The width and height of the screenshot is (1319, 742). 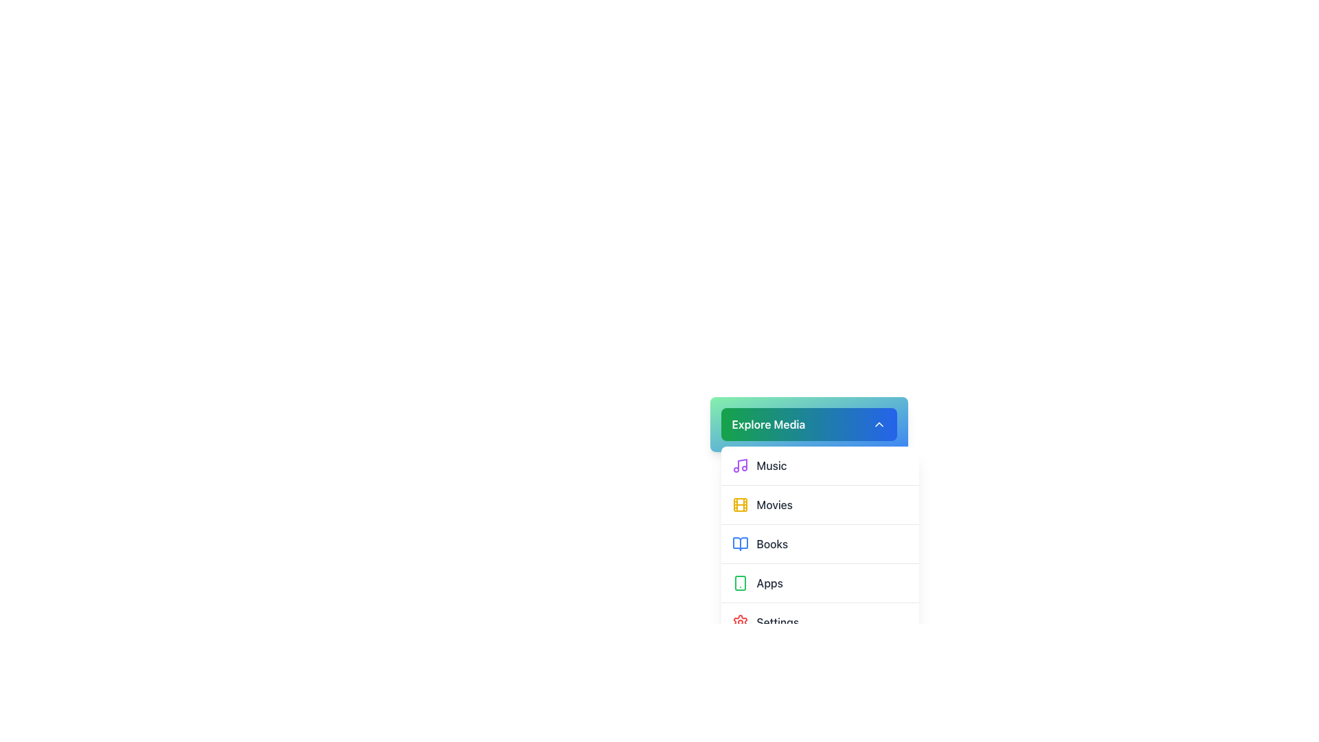 What do you see at coordinates (772, 543) in the screenshot?
I see `text of the 'Books' label located within the dropdown menu, which is displayed in gray color and has a medium-weight font` at bounding box center [772, 543].